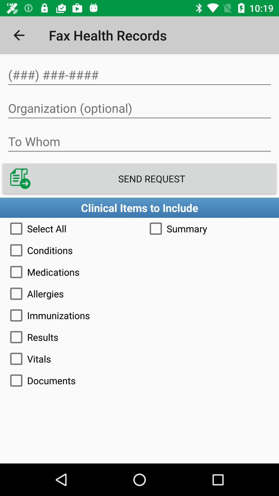  I want to click on the icon above conditions, so click(209, 228).